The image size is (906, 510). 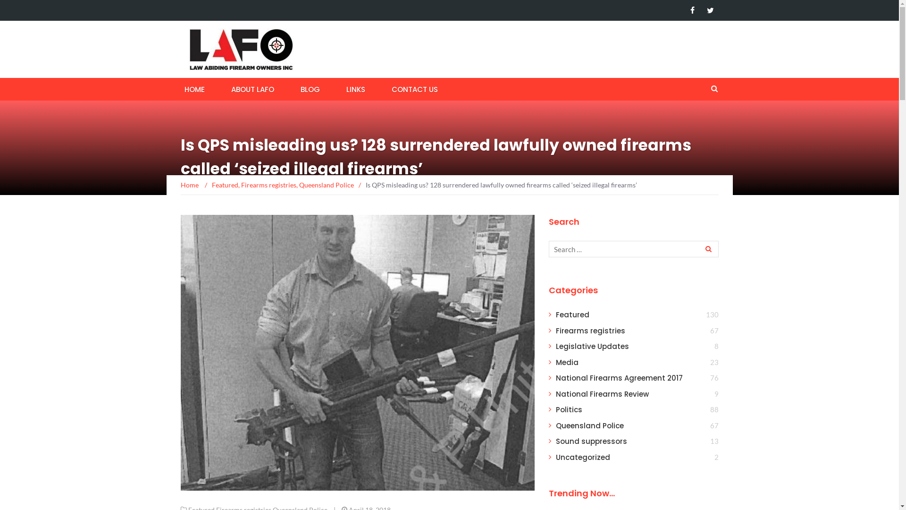 What do you see at coordinates (355, 89) in the screenshot?
I see `'LINKS'` at bounding box center [355, 89].